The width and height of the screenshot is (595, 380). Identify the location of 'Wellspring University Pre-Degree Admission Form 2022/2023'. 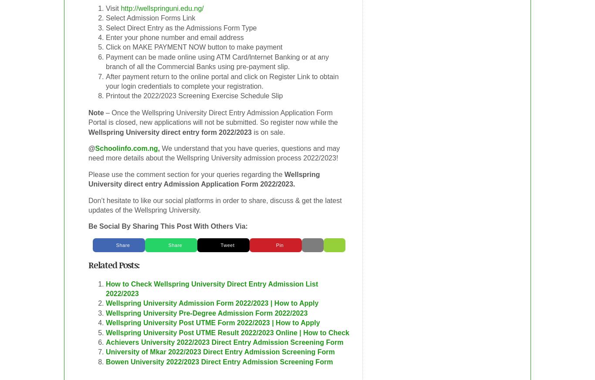
(206, 313).